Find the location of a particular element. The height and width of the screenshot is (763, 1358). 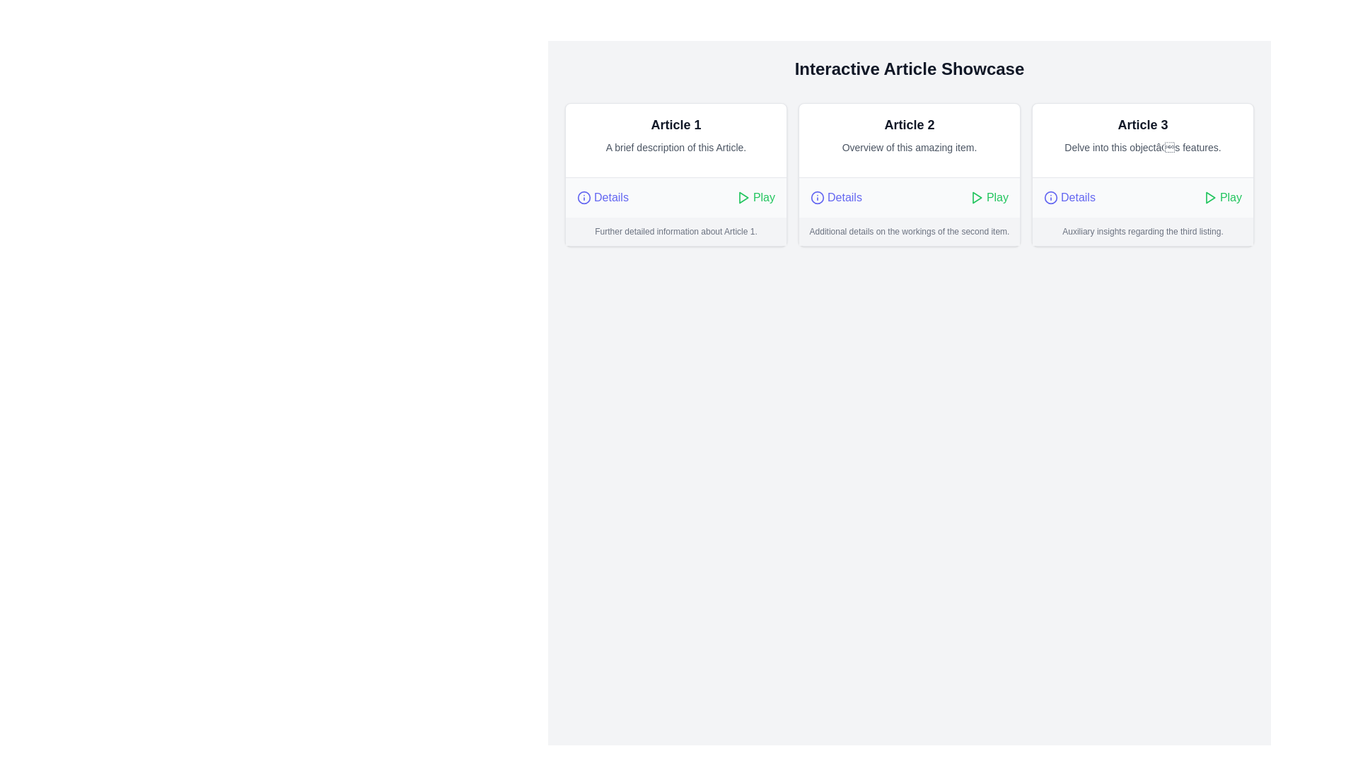

the decorative vector graphic (SVG) circle is located at coordinates (818, 198).